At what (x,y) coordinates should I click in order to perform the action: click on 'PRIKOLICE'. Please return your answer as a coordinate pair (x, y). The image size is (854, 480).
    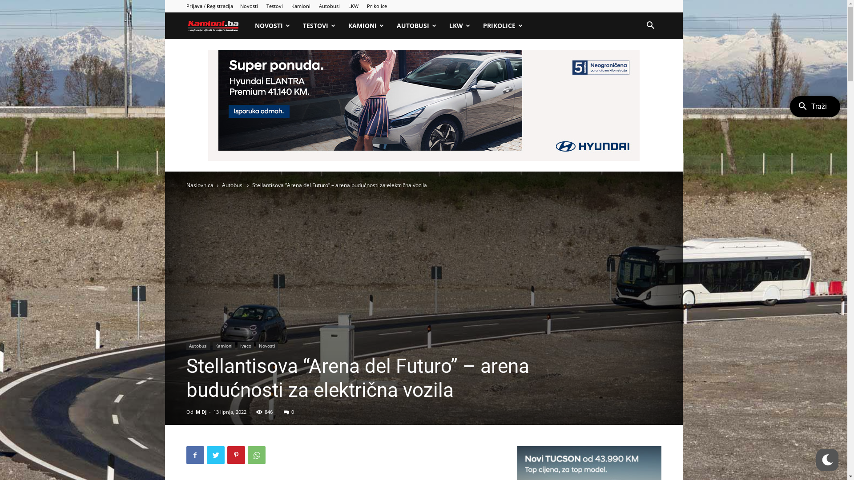
    Looking at the image, I should click on (476, 25).